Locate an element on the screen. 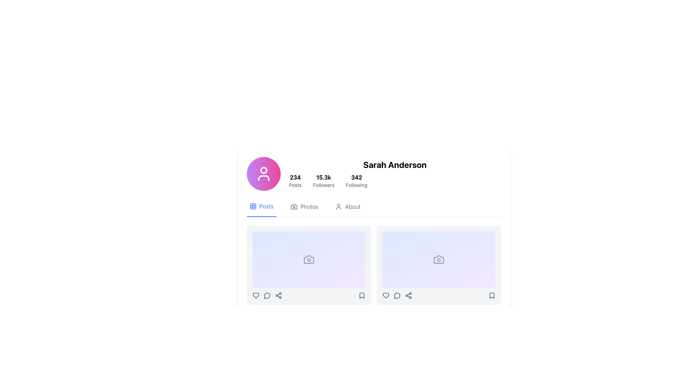 Image resolution: width=678 pixels, height=381 pixels. the horizontal navigation bar located near the top of the page below the user's name is located at coordinates (373, 209).